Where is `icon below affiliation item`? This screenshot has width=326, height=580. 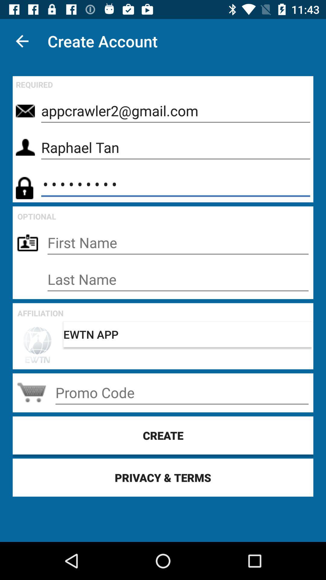
icon below affiliation item is located at coordinates (187, 334).